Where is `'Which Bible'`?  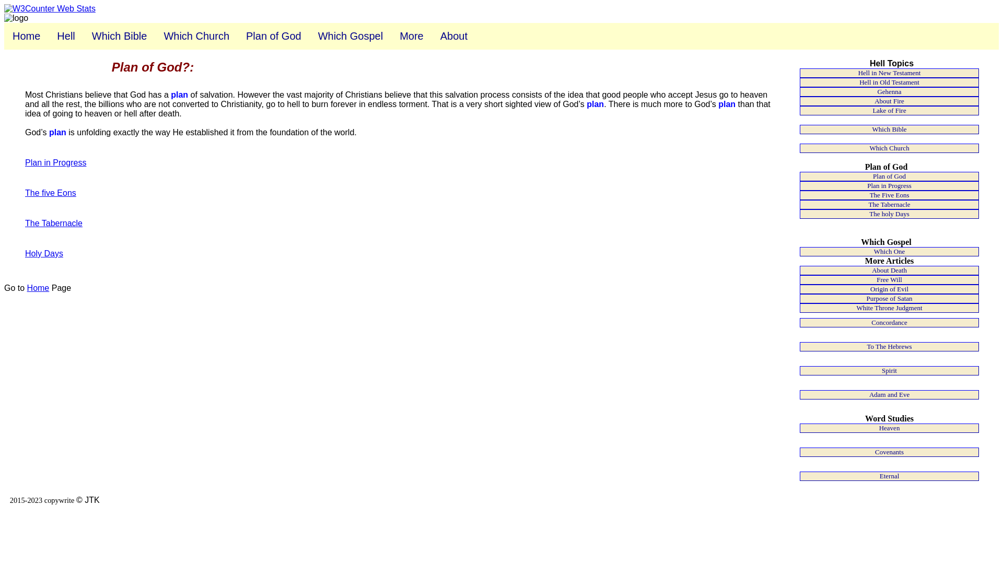
'Which Bible' is located at coordinates (120, 36).